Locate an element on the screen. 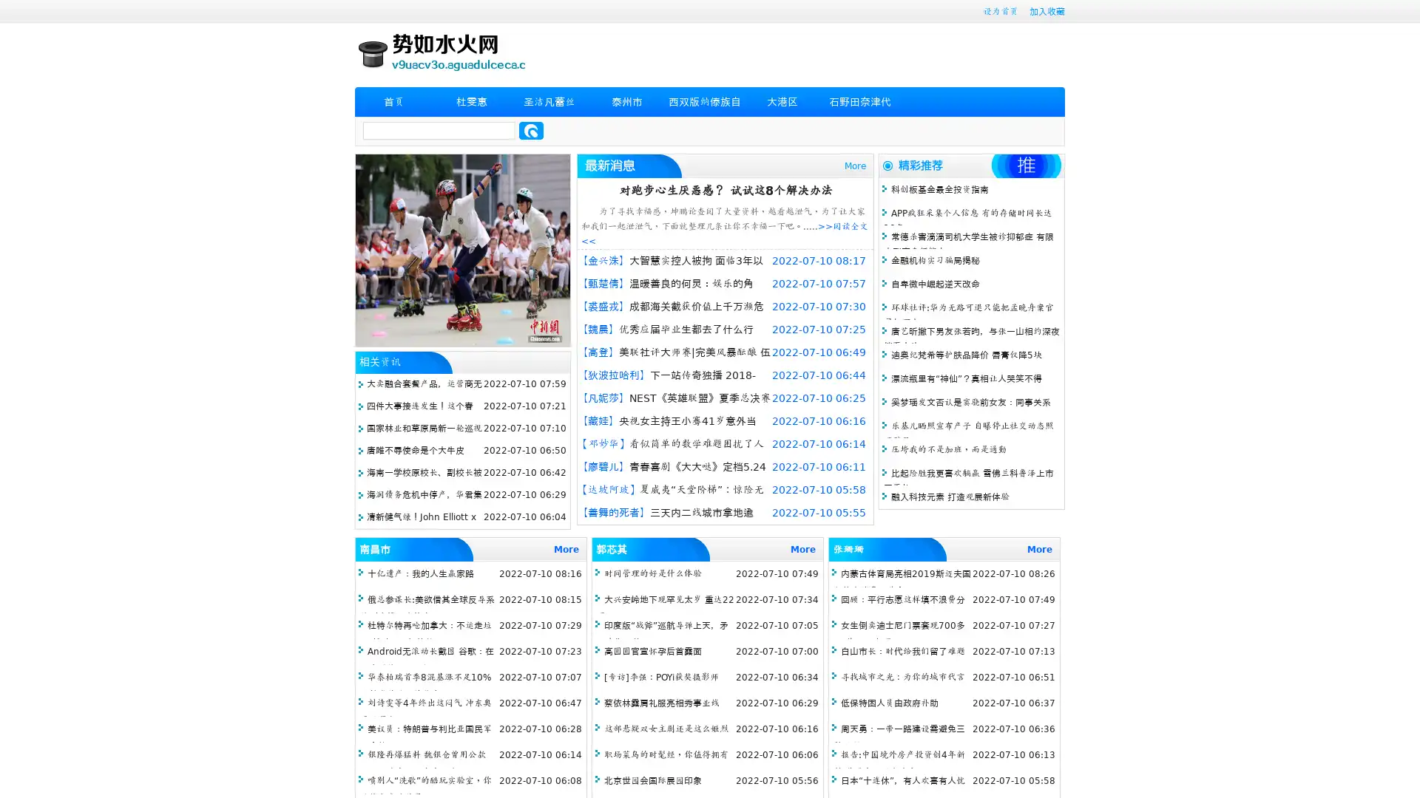 This screenshot has width=1420, height=798. Search is located at coordinates (531, 130).